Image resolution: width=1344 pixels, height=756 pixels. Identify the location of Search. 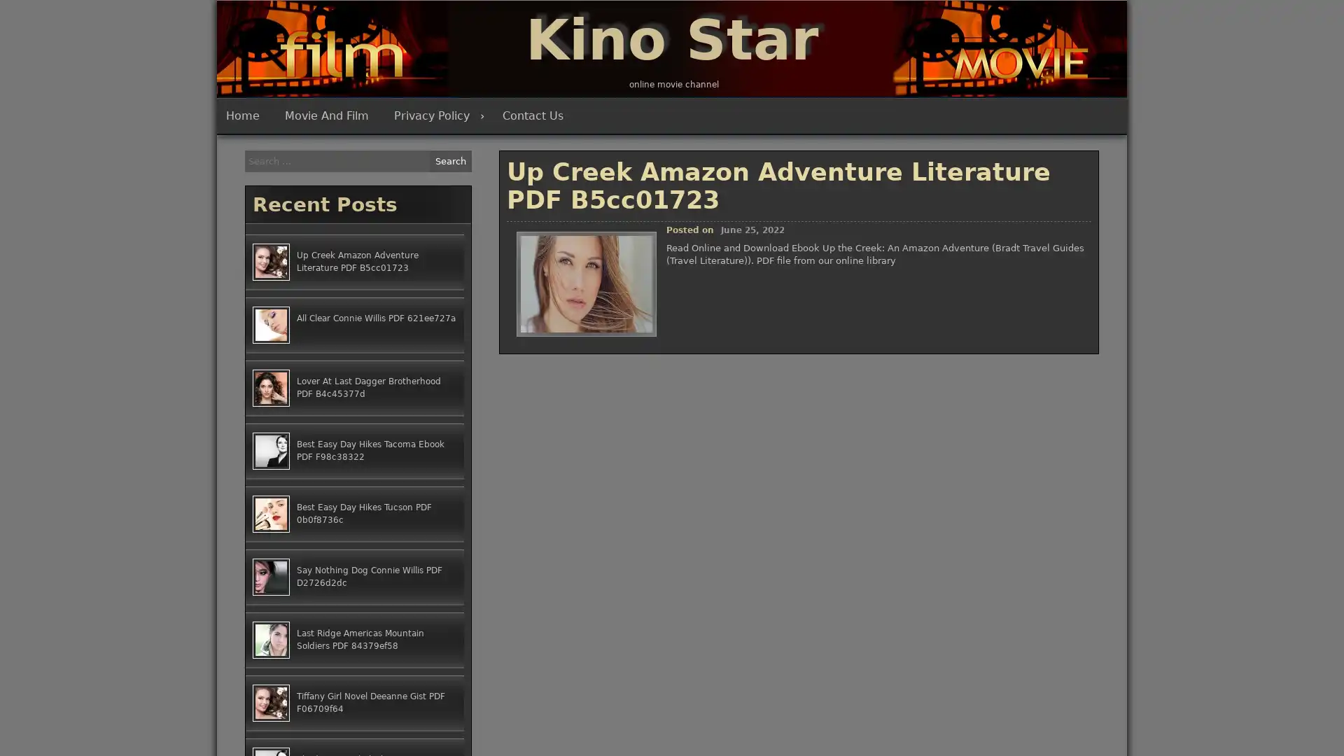
(450, 160).